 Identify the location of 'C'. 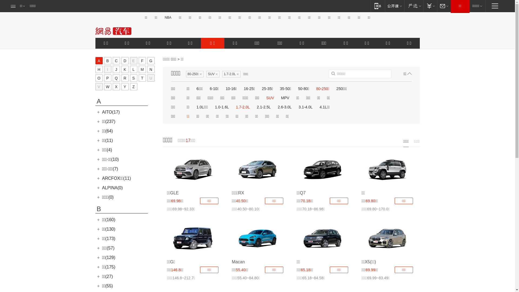
(116, 61).